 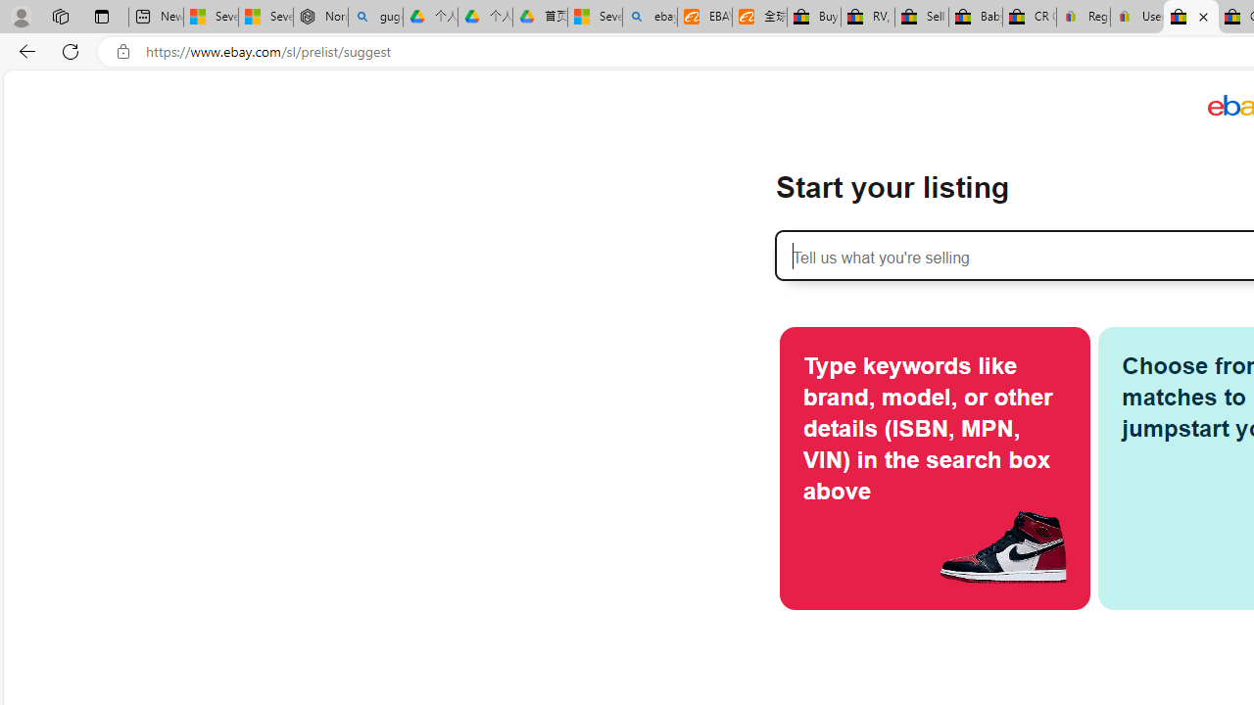 I want to click on 'Buy Auto Parts & Accessories | eBay', so click(x=813, y=17).